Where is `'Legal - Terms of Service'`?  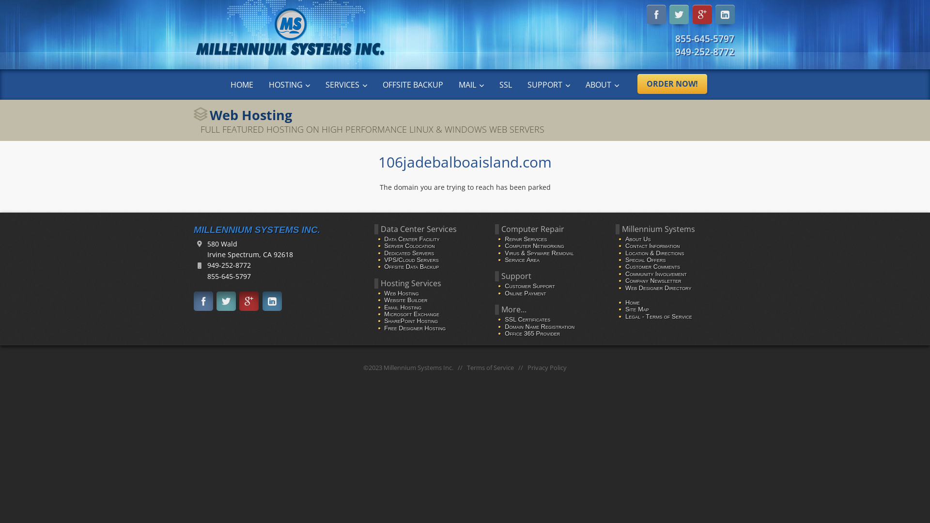 'Legal - Terms of Service' is located at coordinates (658, 316).